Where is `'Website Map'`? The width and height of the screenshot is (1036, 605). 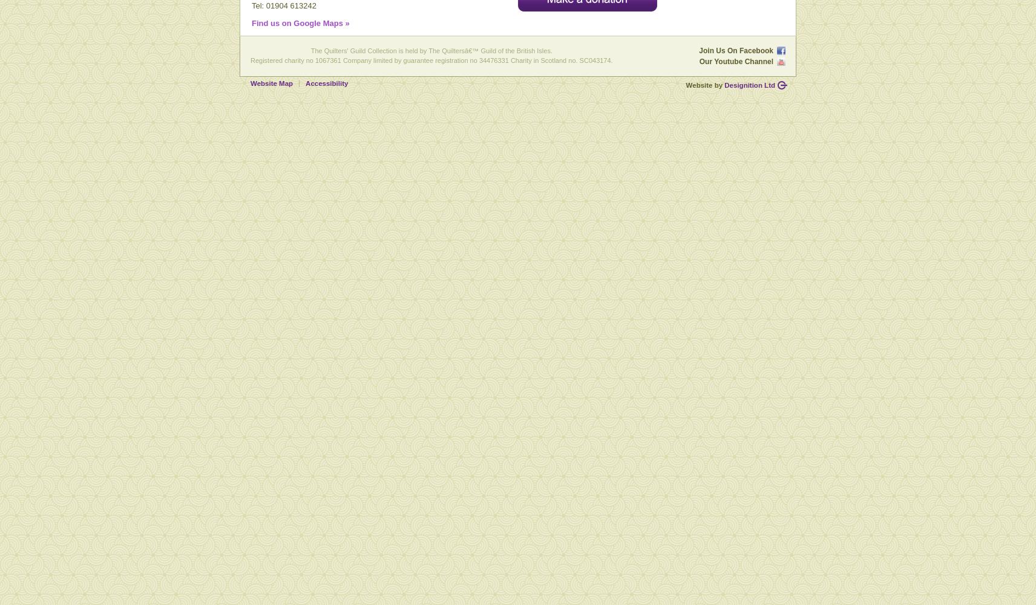 'Website Map' is located at coordinates (271, 83).